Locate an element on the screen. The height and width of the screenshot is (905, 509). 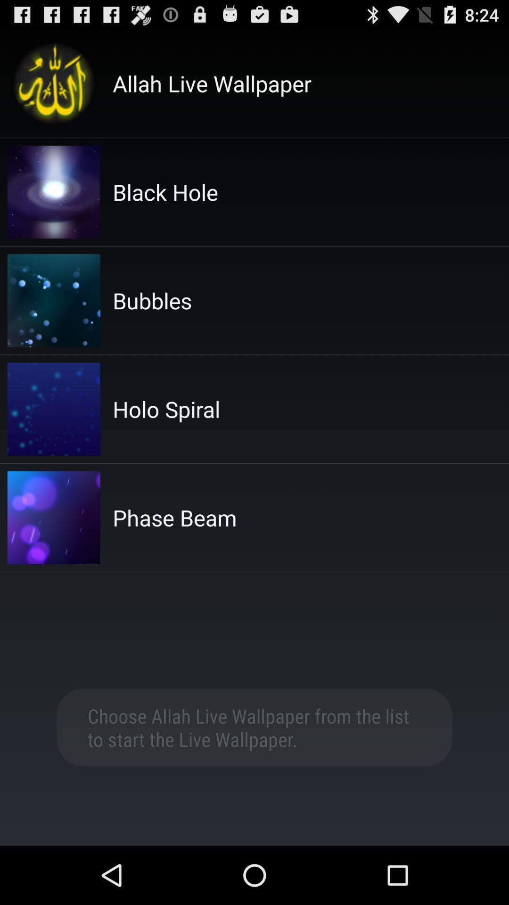
the holo spiral app is located at coordinates (166, 409).